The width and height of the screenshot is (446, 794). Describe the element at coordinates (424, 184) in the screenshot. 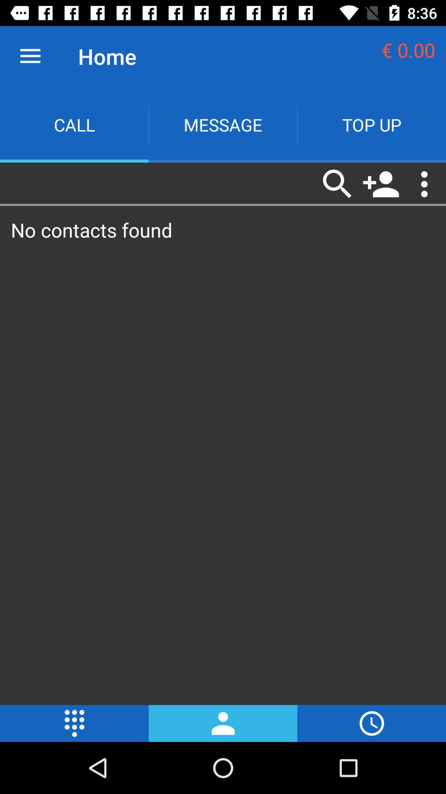

I see `the more icon` at that location.